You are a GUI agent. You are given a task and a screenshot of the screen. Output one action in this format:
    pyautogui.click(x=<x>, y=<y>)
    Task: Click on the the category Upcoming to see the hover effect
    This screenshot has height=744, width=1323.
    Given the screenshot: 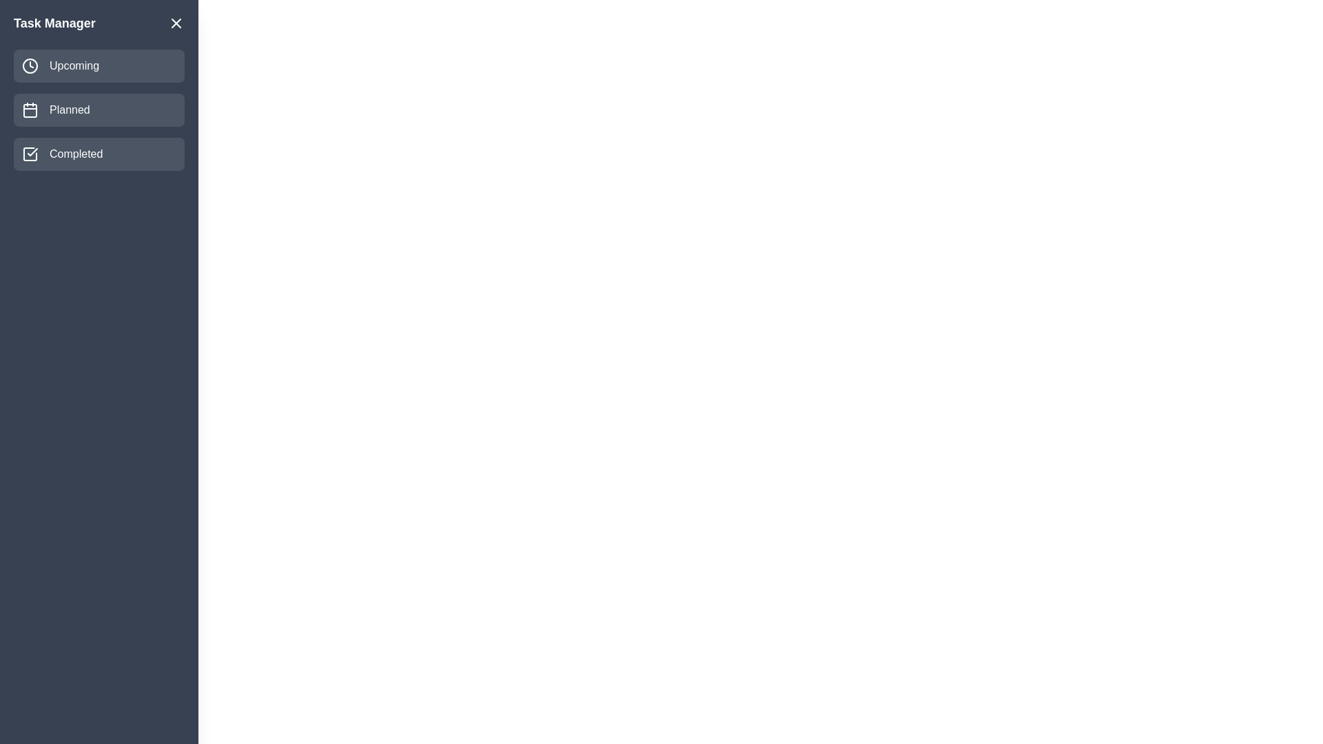 What is the action you would take?
    pyautogui.click(x=99, y=66)
    